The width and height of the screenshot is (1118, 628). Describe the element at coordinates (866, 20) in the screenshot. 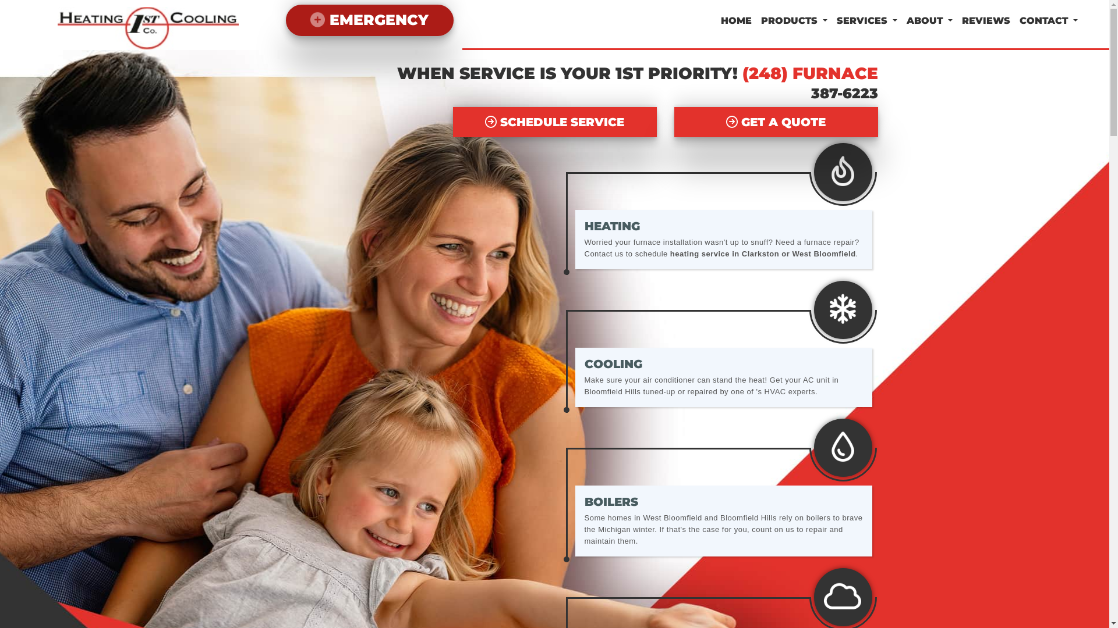

I see `'SERVICES'` at that location.